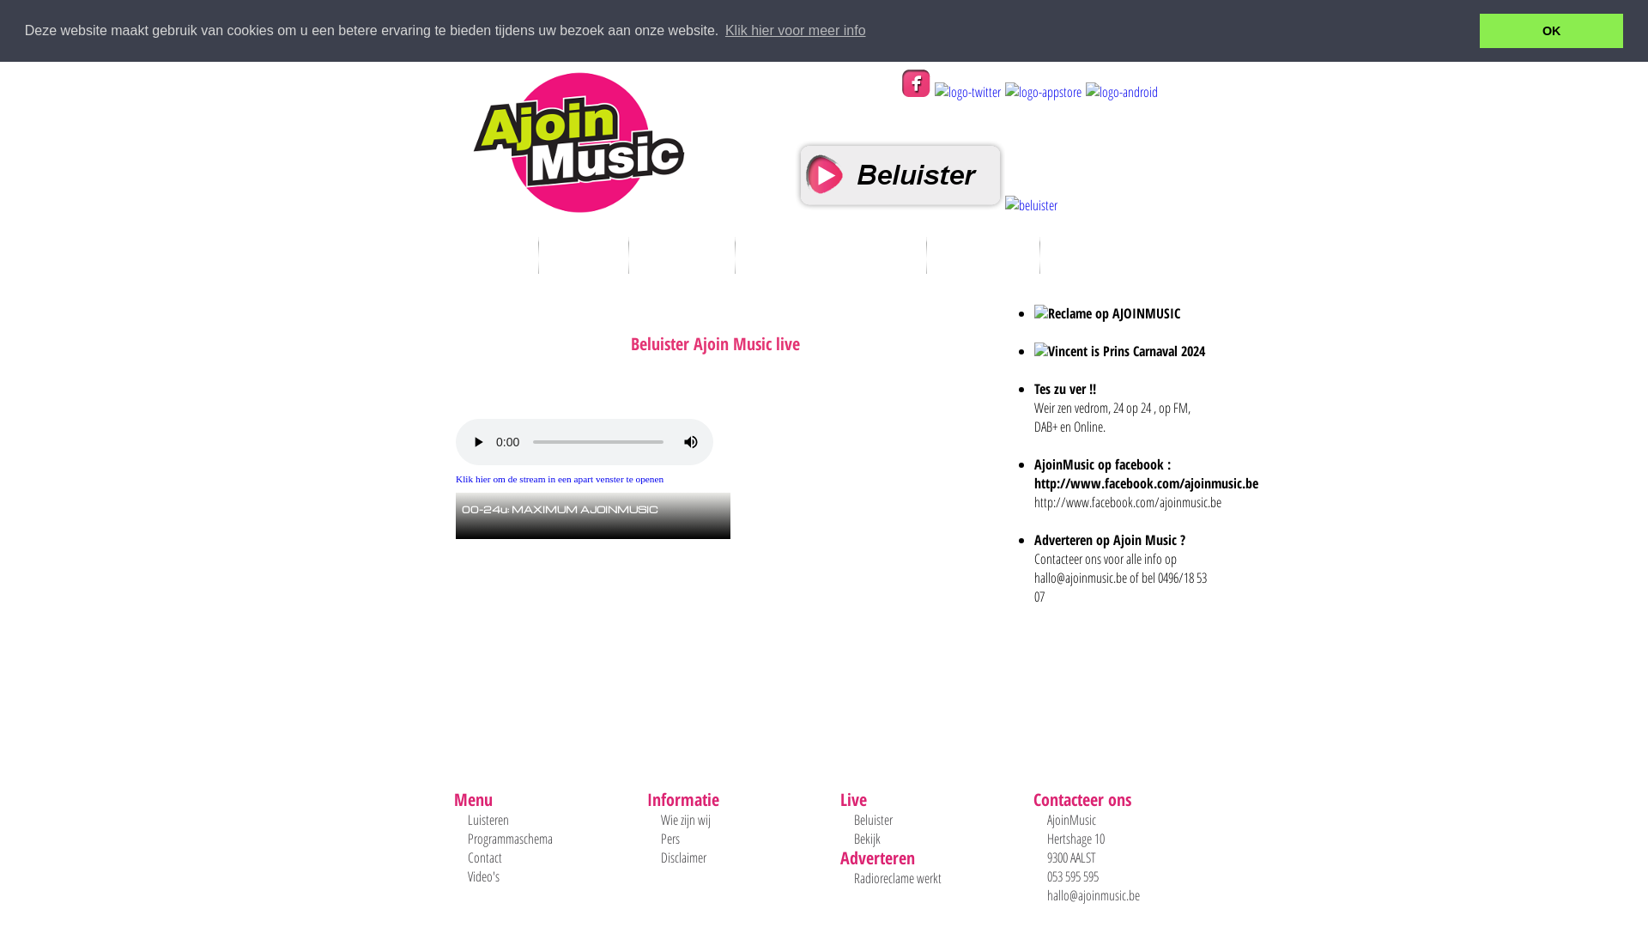 Image resolution: width=1648 pixels, height=927 pixels. What do you see at coordinates (484, 857) in the screenshot?
I see `'Contact'` at bounding box center [484, 857].